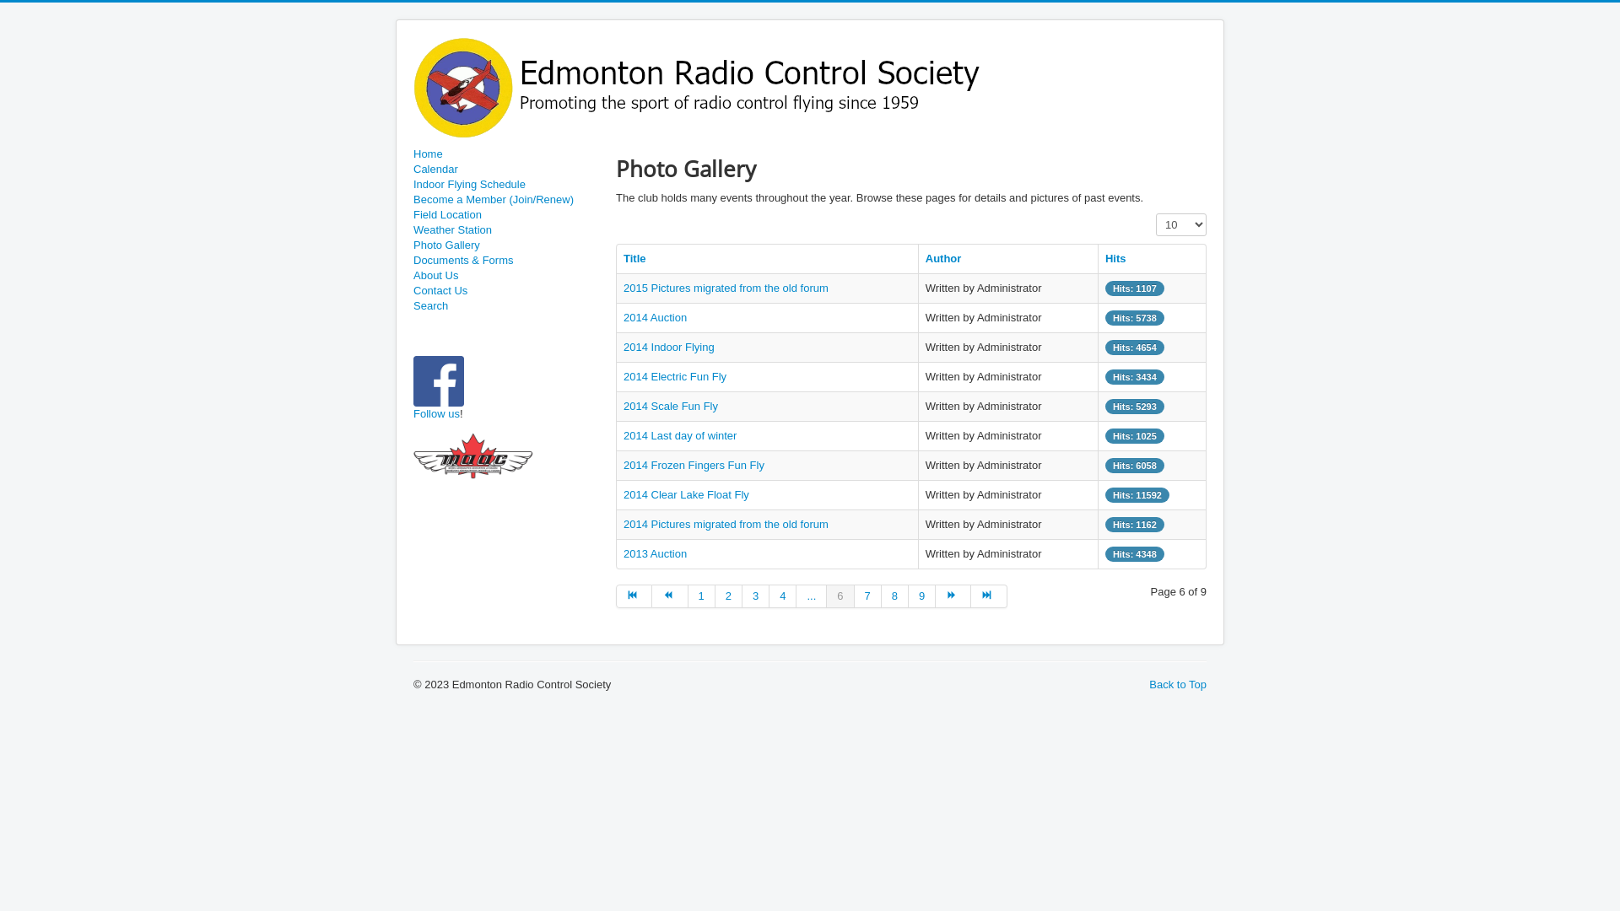 Image resolution: width=1620 pixels, height=911 pixels. What do you see at coordinates (670, 406) in the screenshot?
I see `'2014 Scale Fun Fly'` at bounding box center [670, 406].